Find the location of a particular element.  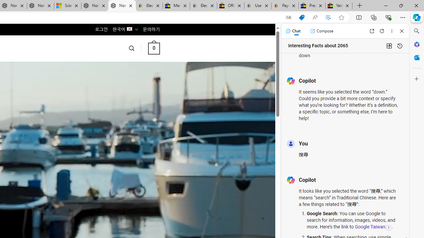

'Minimize' is located at coordinates (386, 5).